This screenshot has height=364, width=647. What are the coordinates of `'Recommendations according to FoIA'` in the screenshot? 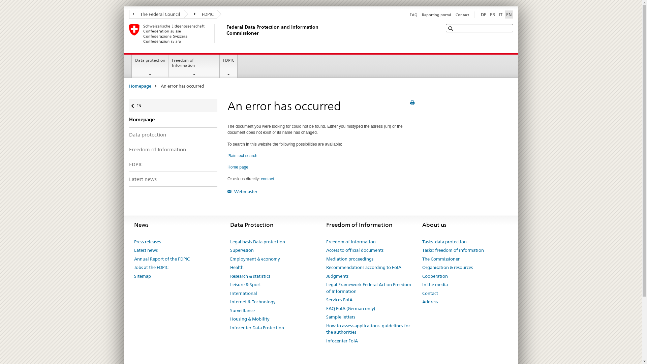 It's located at (363, 267).